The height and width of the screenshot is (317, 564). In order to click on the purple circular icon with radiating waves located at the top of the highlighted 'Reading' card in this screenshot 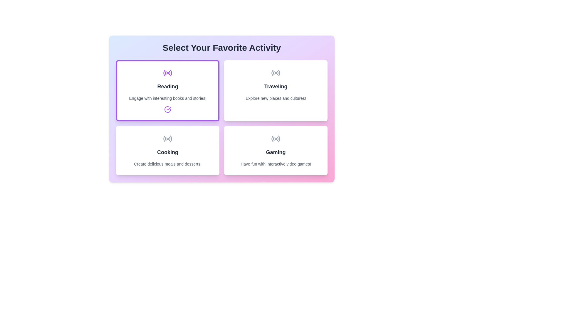, I will do `click(167, 73)`.